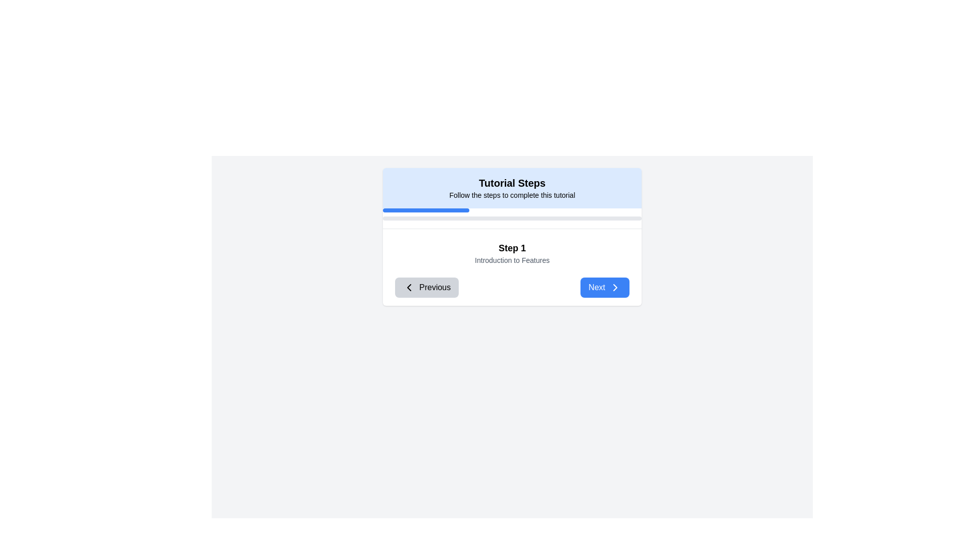 The width and height of the screenshot is (970, 545). Describe the element at coordinates (409, 288) in the screenshot. I see `the 'Previous' button icon located` at that location.